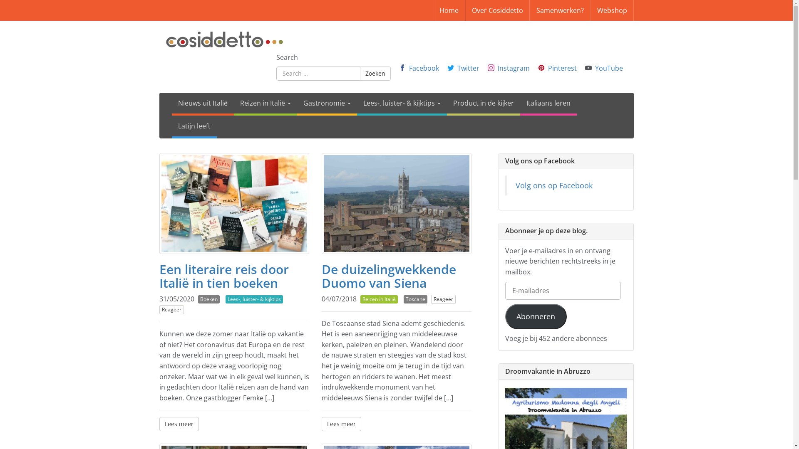 The width and height of the screenshot is (799, 449). What do you see at coordinates (589, 10) in the screenshot?
I see `'Webshop'` at bounding box center [589, 10].